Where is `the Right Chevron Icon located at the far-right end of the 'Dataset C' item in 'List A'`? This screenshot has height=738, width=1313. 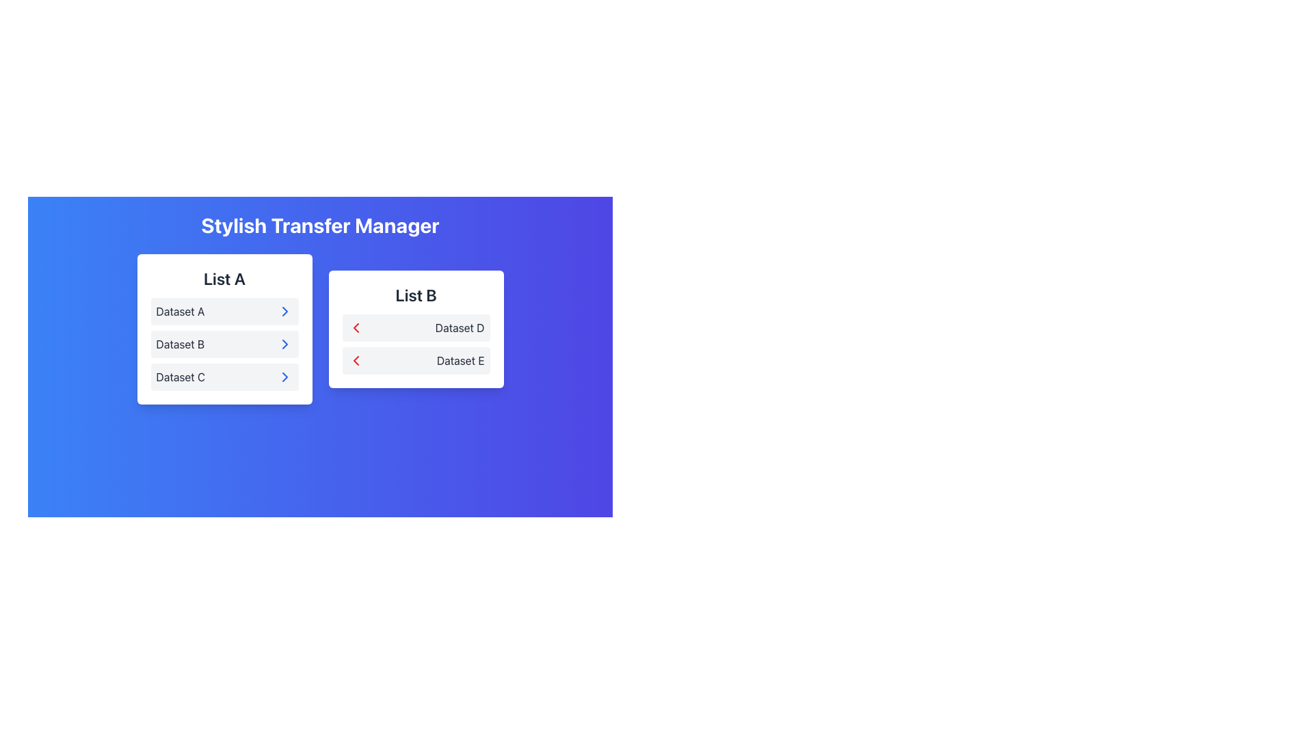 the Right Chevron Icon located at the far-right end of the 'Dataset C' item in 'List A' is located at coordinates (284, 377).